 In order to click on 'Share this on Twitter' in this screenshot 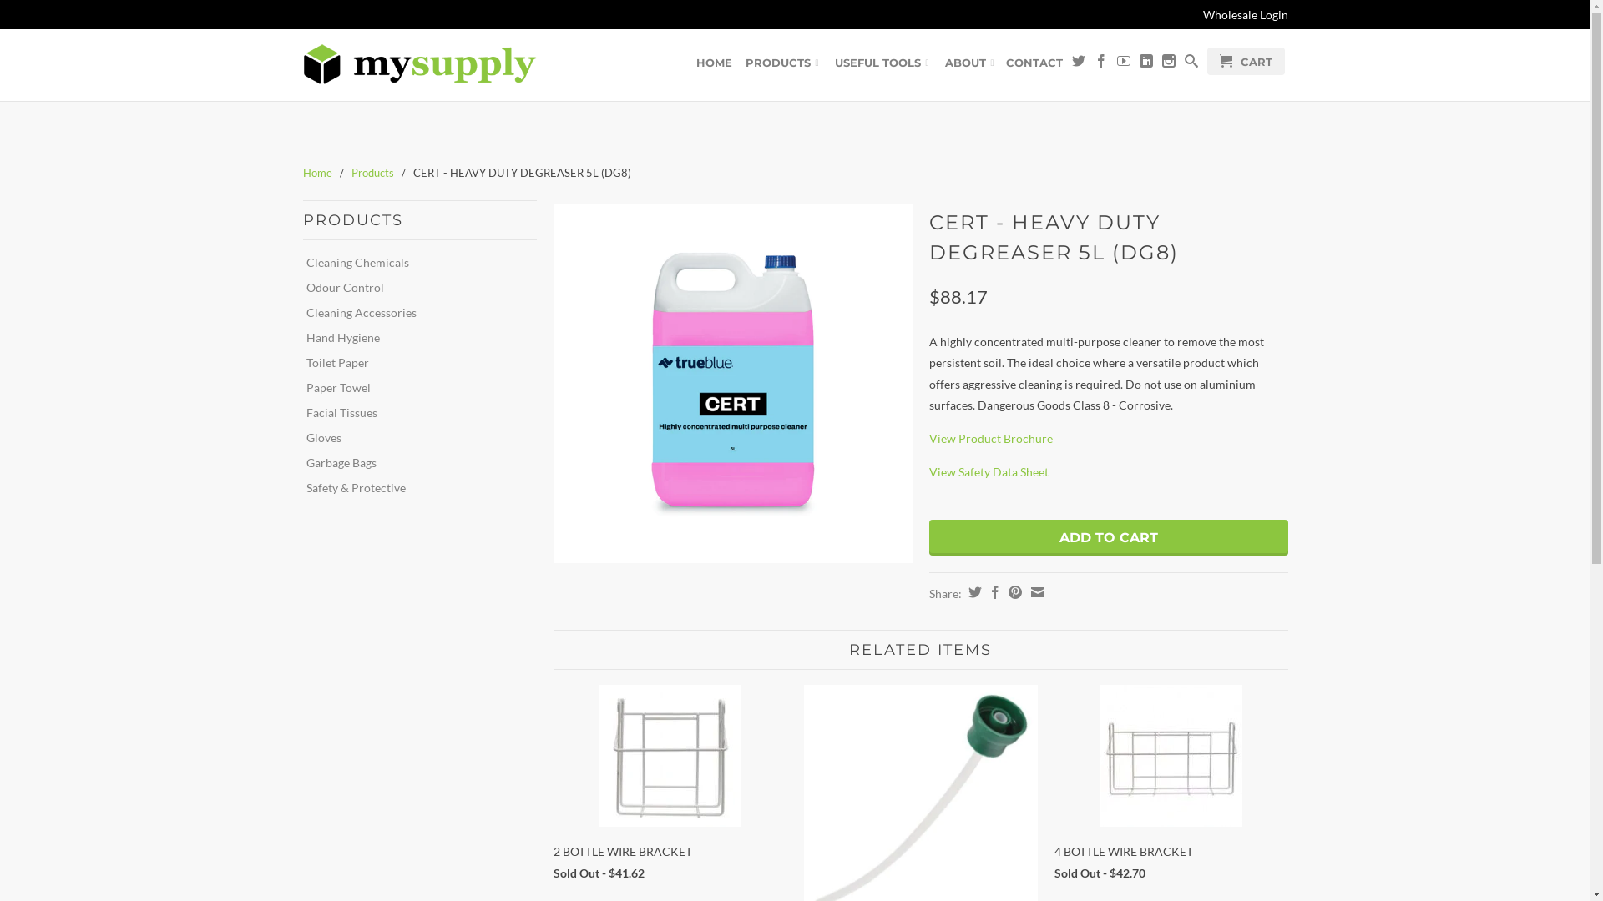, I will do `click(972, 591)`.